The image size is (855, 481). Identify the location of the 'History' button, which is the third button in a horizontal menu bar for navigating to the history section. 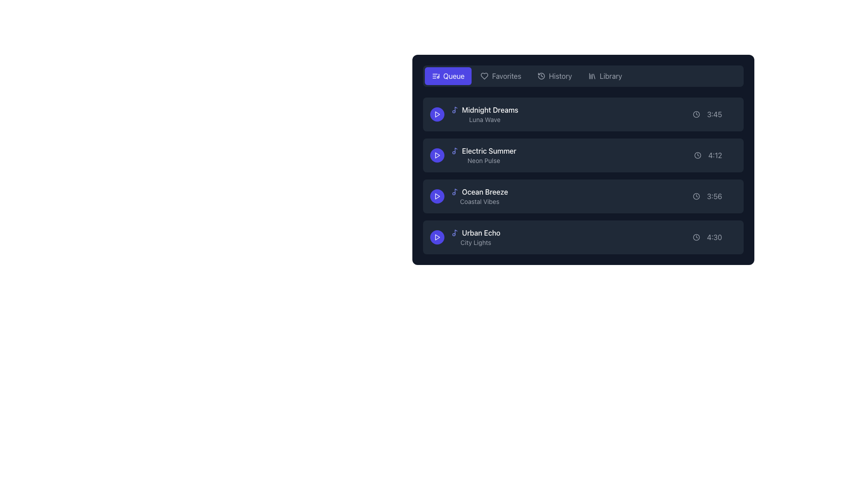
(554, 75).